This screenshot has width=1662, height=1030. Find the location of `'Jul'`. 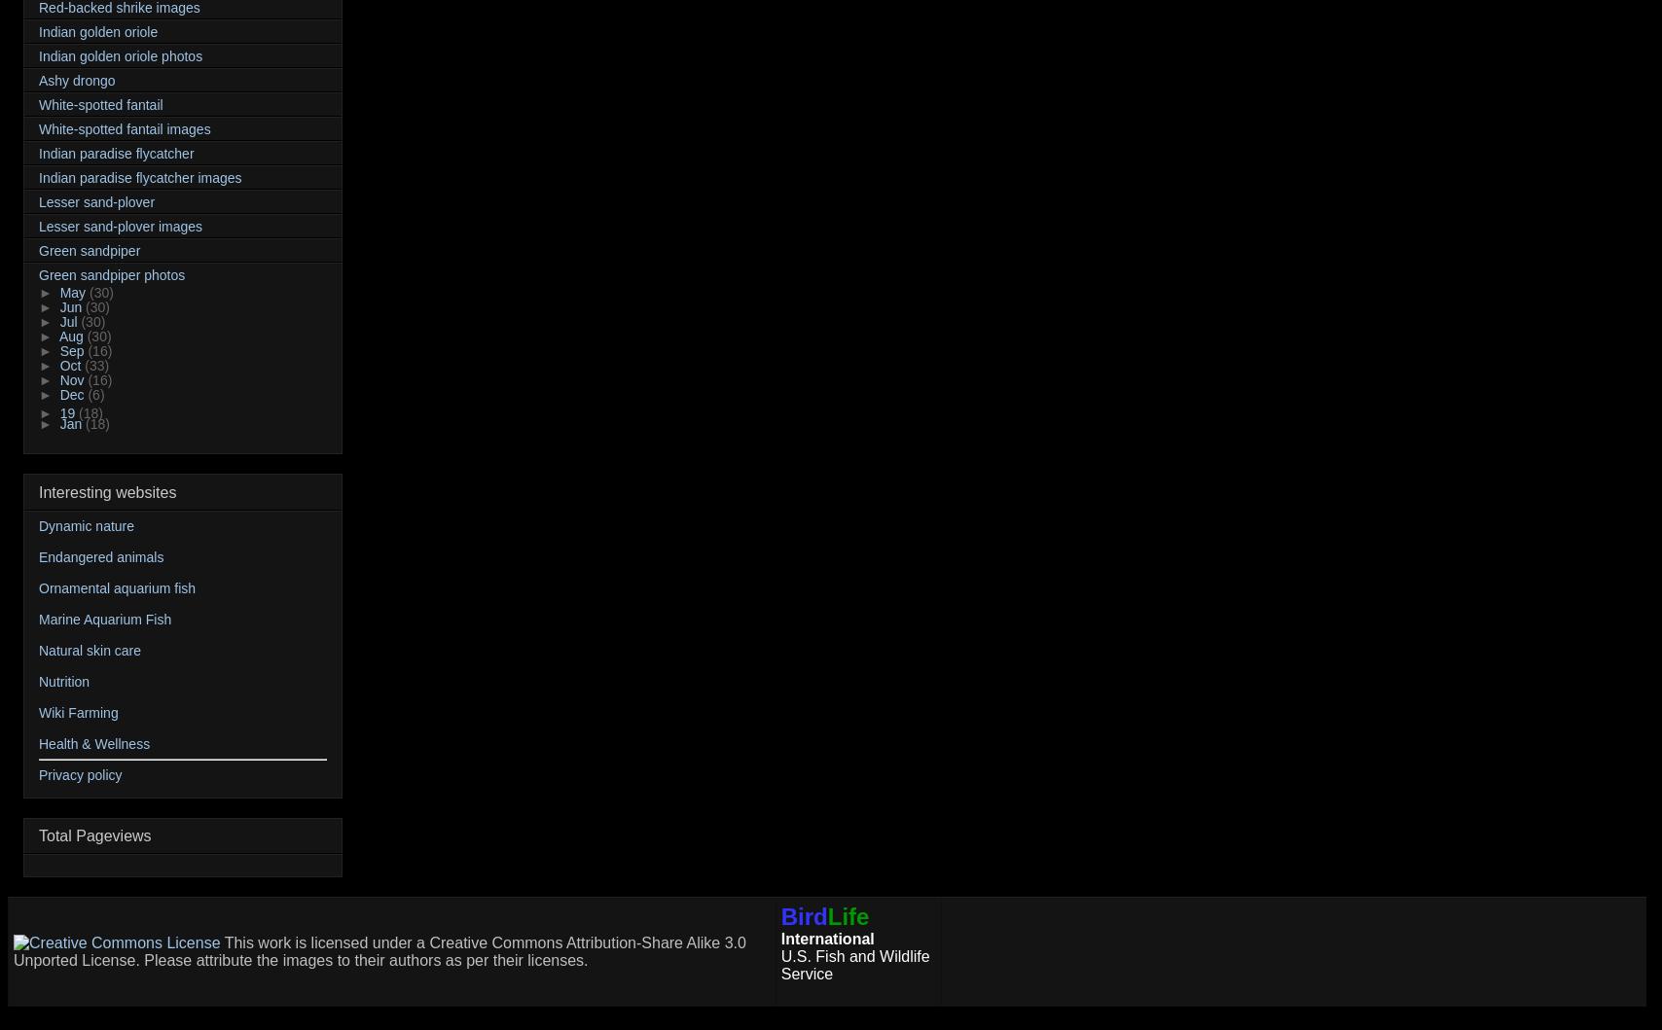

'Jul' is located at coordinates (70, 321).